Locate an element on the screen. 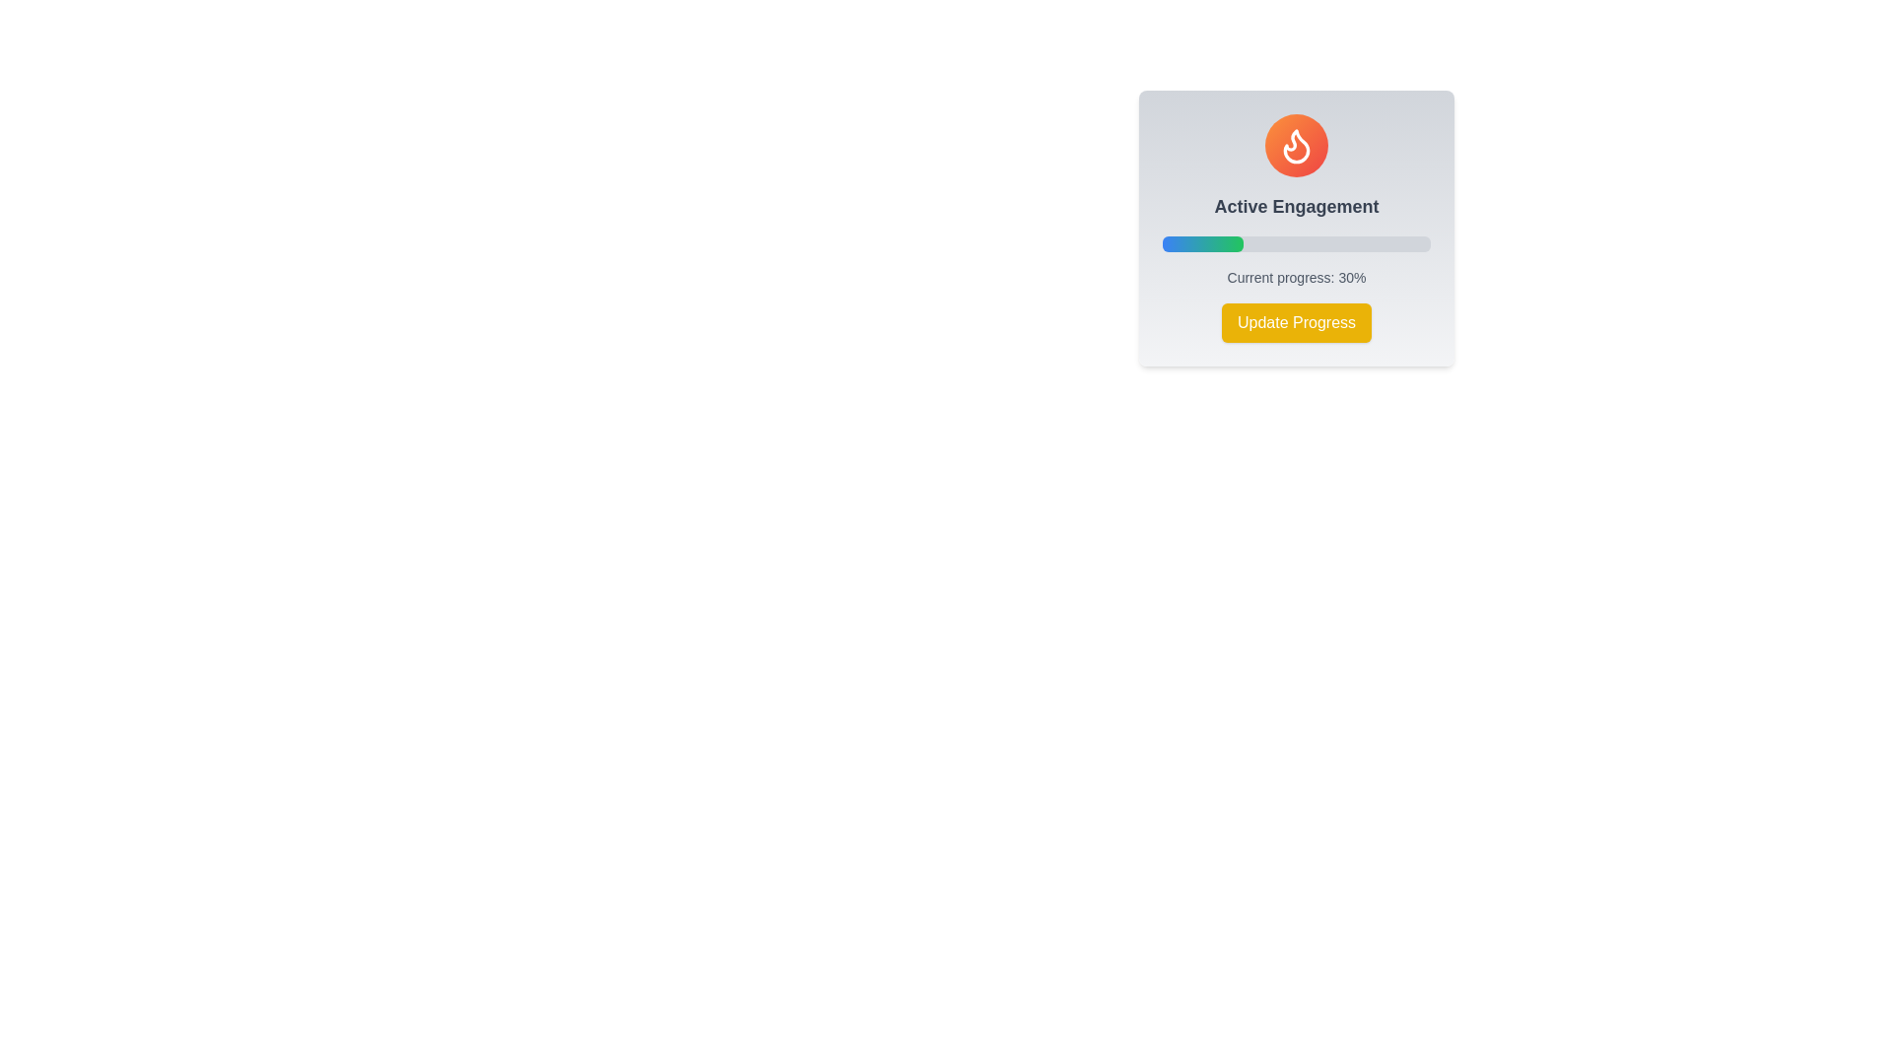 This screenshot has height=1064, width=1892. the decorative or status-indicating icon located inside the orange circular icon at the center top of the informational card titled 'Active Engagement' is located at coordinates (1296, 144).